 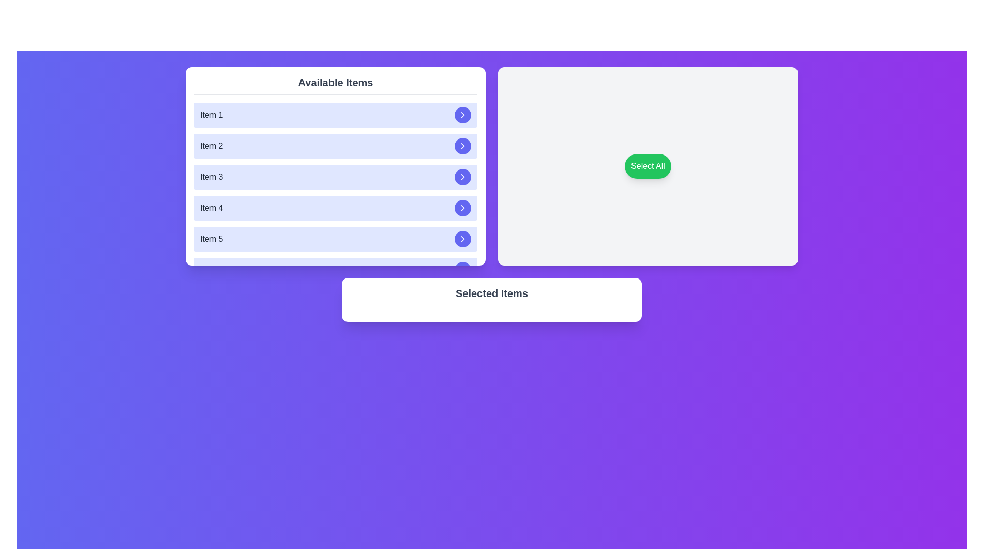 What do you see at coordinates (462, 239) in the screenshot?
I see `the circular button with an arrow symbol located at the far right side of the 'Item 5' row in the 'Available Items' list to receive visual feedback` at bounding box center [462, 239].